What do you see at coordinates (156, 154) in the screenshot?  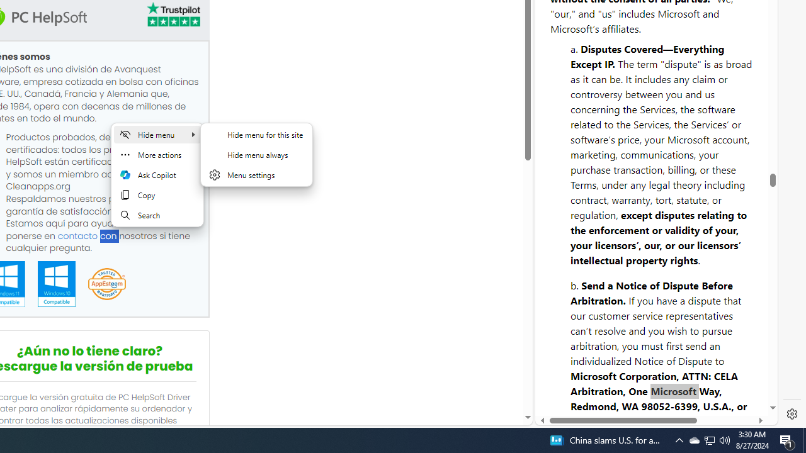 I see `'More actions'` at bounding box center [156, 154].